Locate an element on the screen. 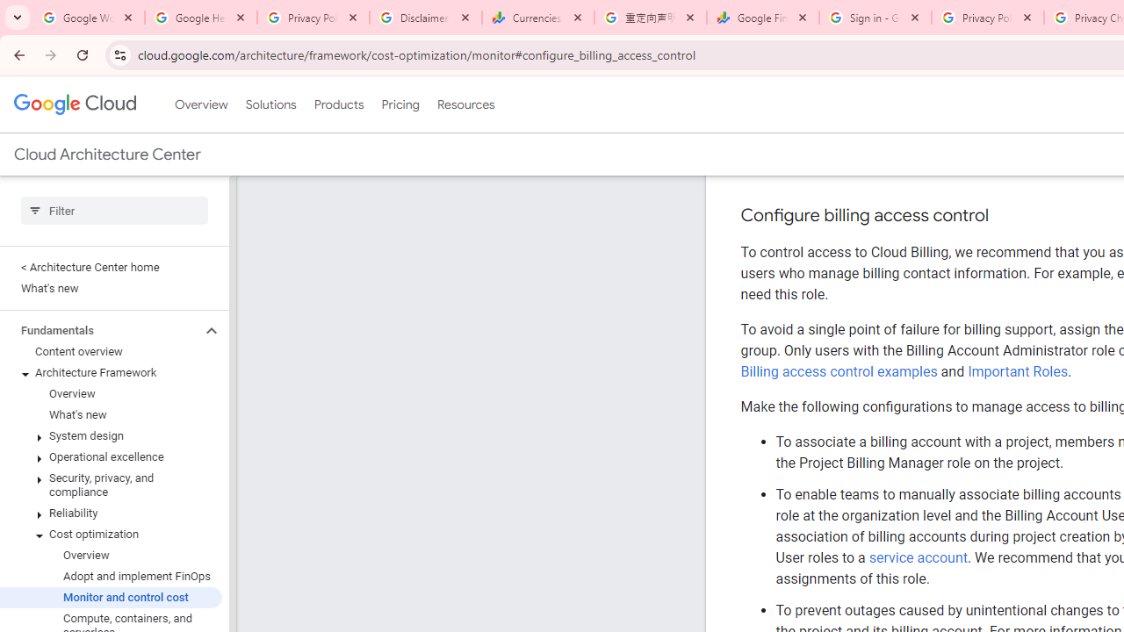 This screenshot has width=1124, height=632. 'Architecture Framework' is located at coordinates (110, 372).